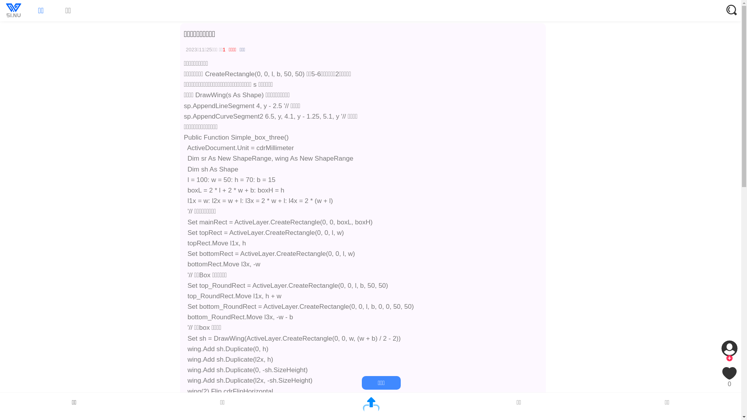  What do you see at coordinates (223, 49) in the screenshot?
I see `'1'` at bounding box center [223, 49].